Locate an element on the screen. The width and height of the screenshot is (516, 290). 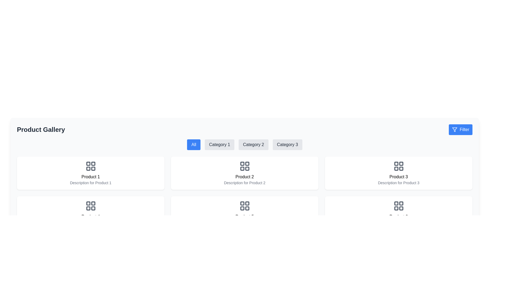
the top-left square of the grid layout icon which serves as a decorative element in the interface is located at coordinates (396, 203).